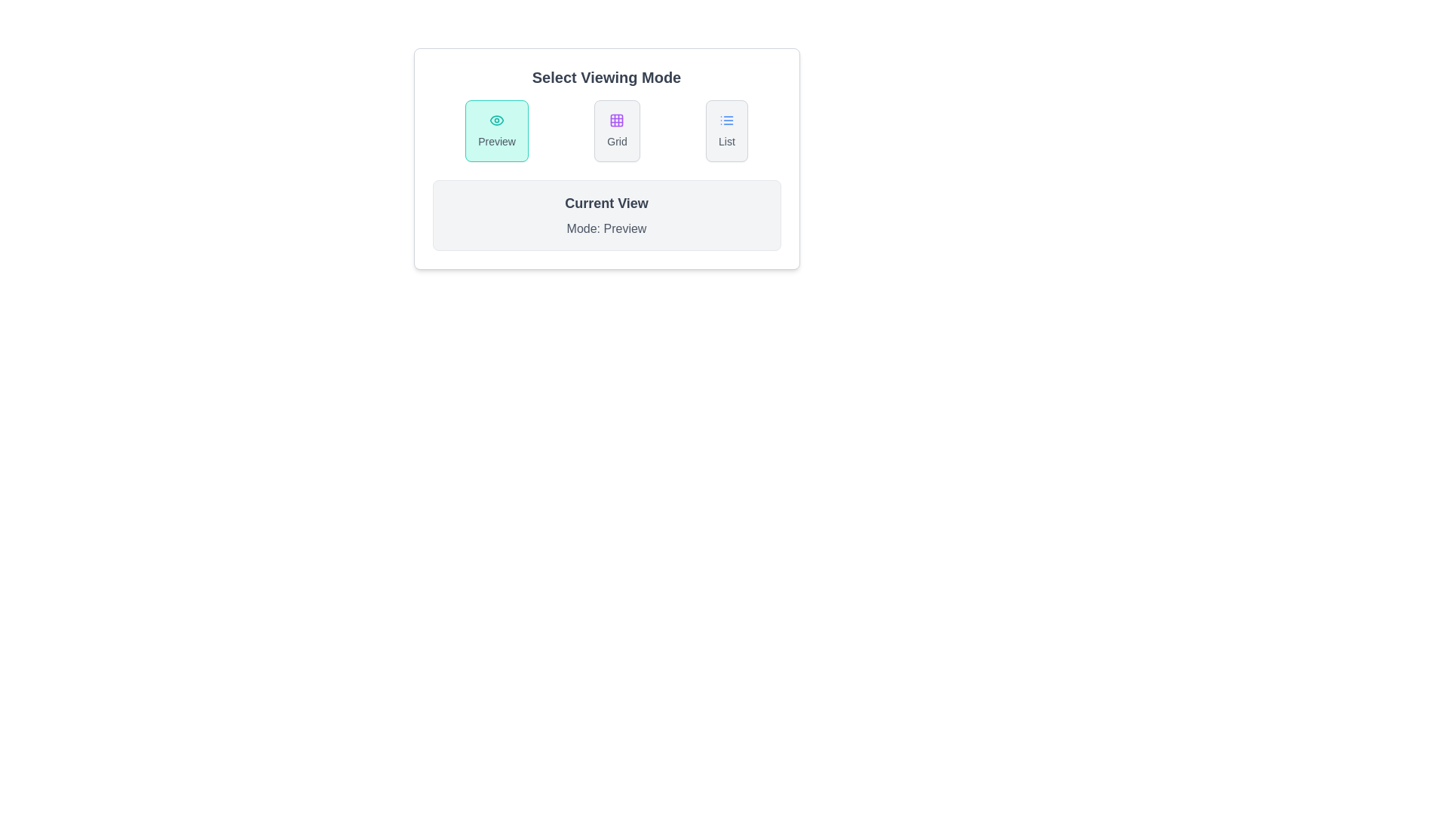 This screenshot has width=1448, height=814. I want to click on the 'Preview' button, which is a rectangular button with a teal background and an eye icon, located in the group of three buttons titled 'Select Viewing Mode', so click(497, 130).